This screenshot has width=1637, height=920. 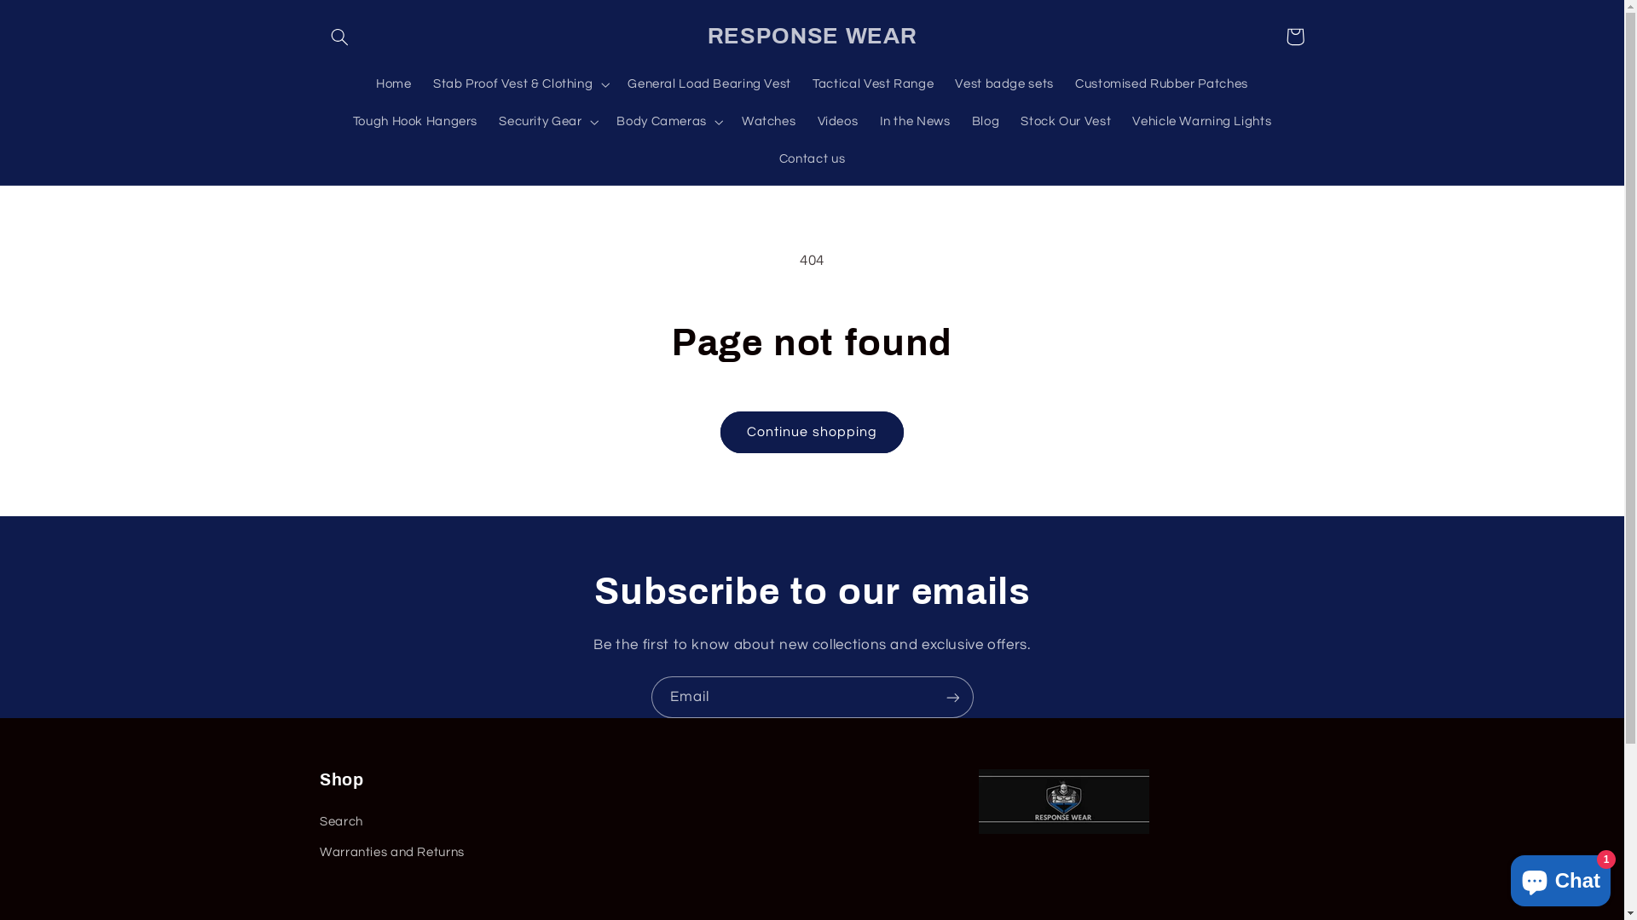 What do you see at coordinates (811, 158) in the screenshot?
I see `'Contact us'` at bounding box center [811, 158].